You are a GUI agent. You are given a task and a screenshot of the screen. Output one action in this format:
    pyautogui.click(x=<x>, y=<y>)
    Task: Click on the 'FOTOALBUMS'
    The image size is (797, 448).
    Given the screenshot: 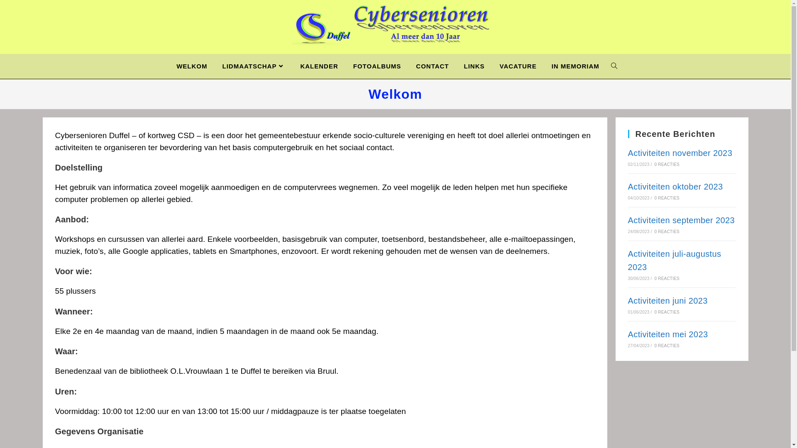 What is the action you would take?
    pyautogui.click(x=376, y=66)
    